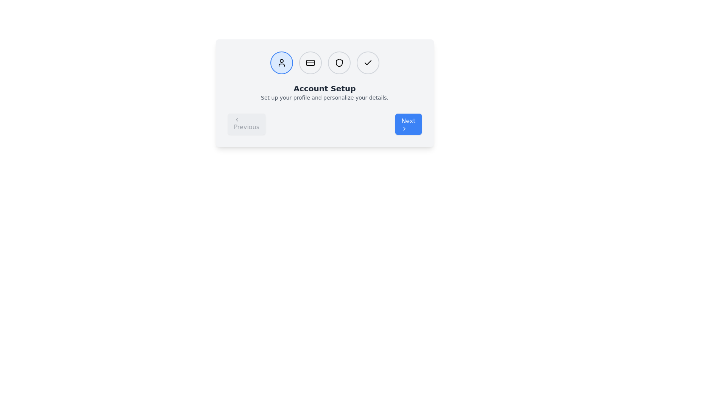 The width and height of the screenshot is (727, 409). Describe the element at coordinates (368, 62) in the screenshot. I see `the checkmark icon, which is a black stroke visual checkmark with a hook shape, located in the top-right section of the icon group above the 'Account Setup' text label` at that location.